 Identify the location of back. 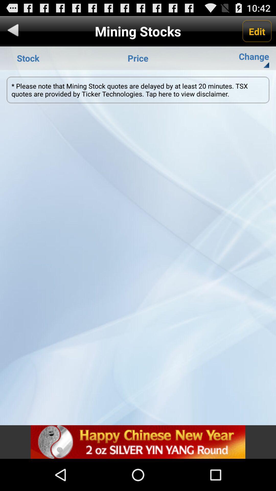
(13, 31).